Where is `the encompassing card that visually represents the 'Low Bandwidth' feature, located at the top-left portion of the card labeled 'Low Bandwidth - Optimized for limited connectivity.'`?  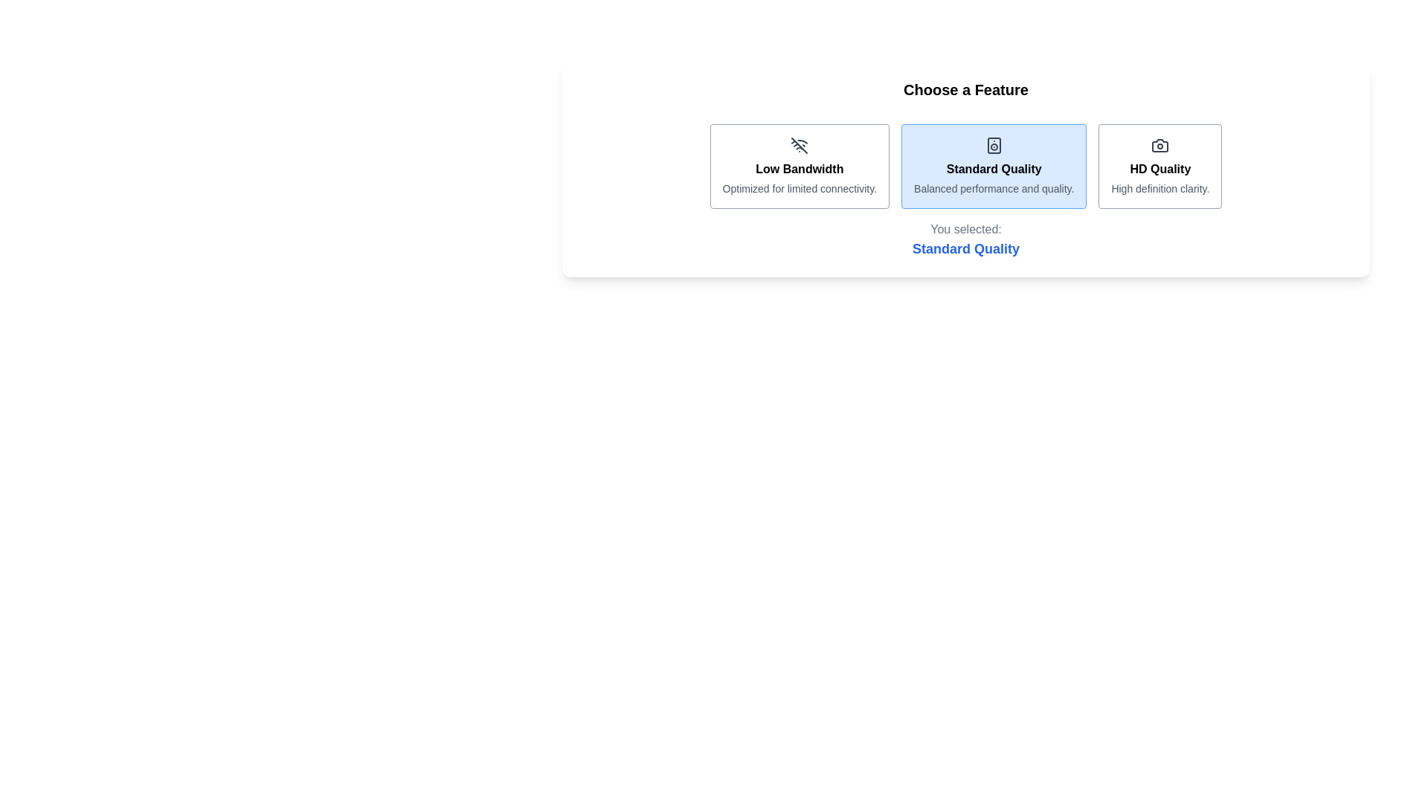
the encompassing card that visually represents the 'Low Bandwidth' feature, located at the top-left portion of the card labeled 'Low Bandwidth - Optimized for limited connectivity.' is located at coordinates (799, 146).